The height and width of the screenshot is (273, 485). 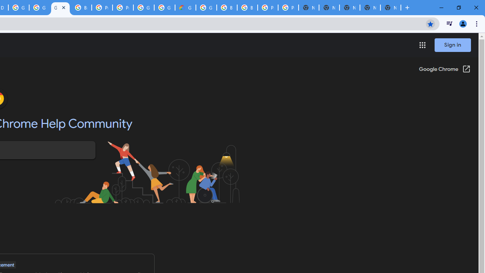 What do you see at coordinates (164, 8) in the screenshot?
I see `'Google Cloud Platform'` at bounding box center [164, 8].